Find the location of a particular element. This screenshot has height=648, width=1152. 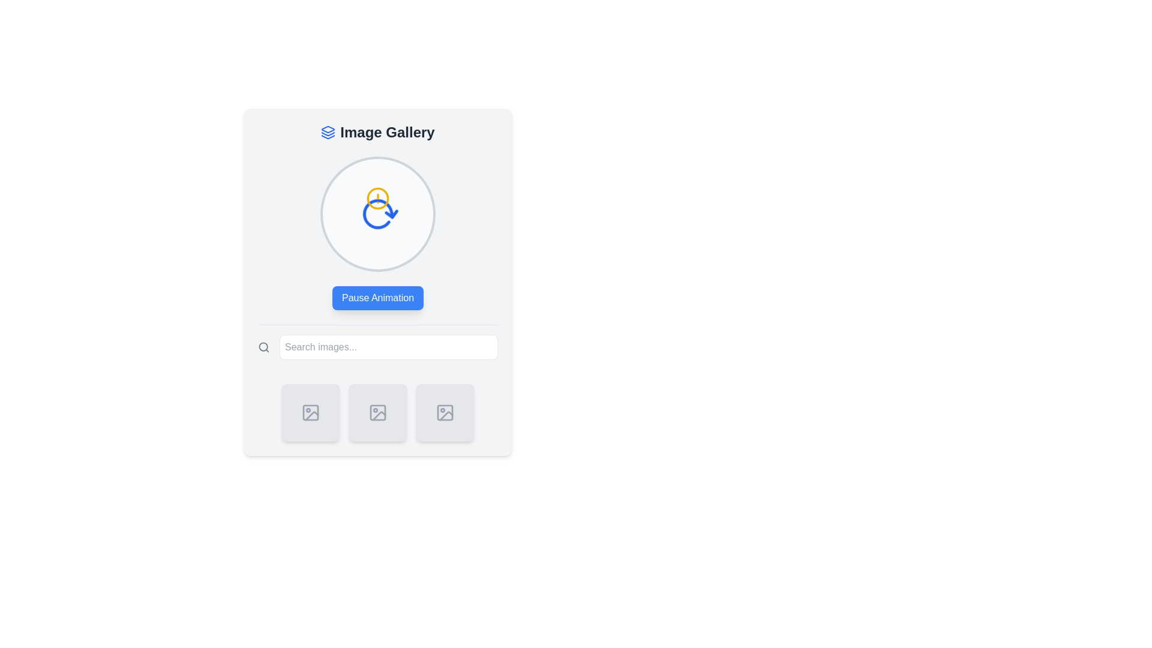

the square button with a light gray background and gallery icon is located at coordinates (311, 412).